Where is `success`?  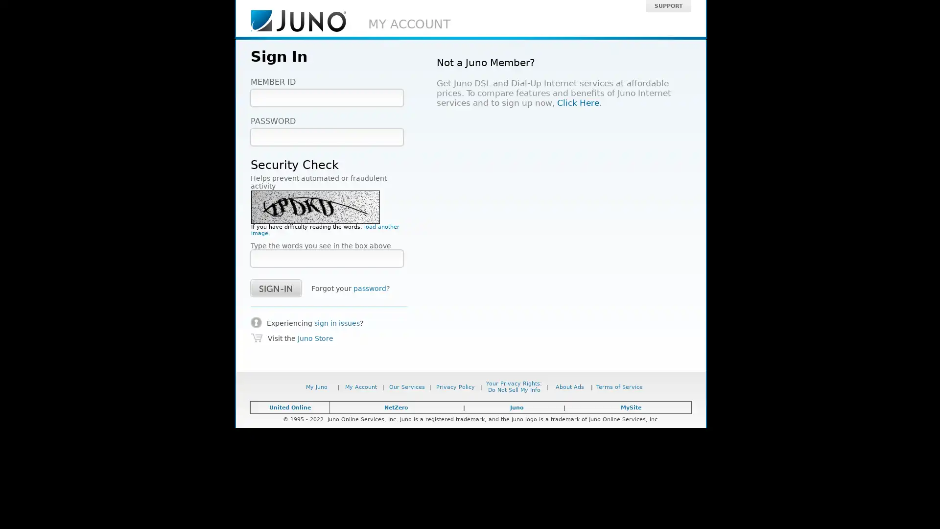 success is located at coordinates (276, 288).